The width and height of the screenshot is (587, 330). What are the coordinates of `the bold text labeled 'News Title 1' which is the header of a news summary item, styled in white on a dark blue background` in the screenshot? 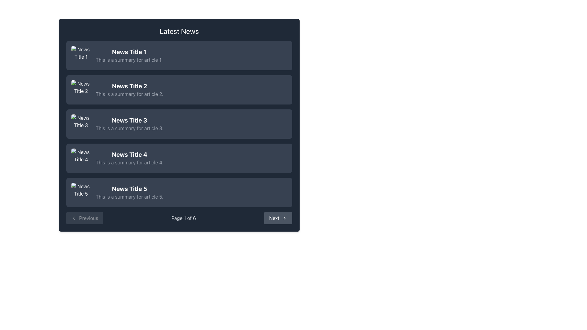 It's located at (129, 51).